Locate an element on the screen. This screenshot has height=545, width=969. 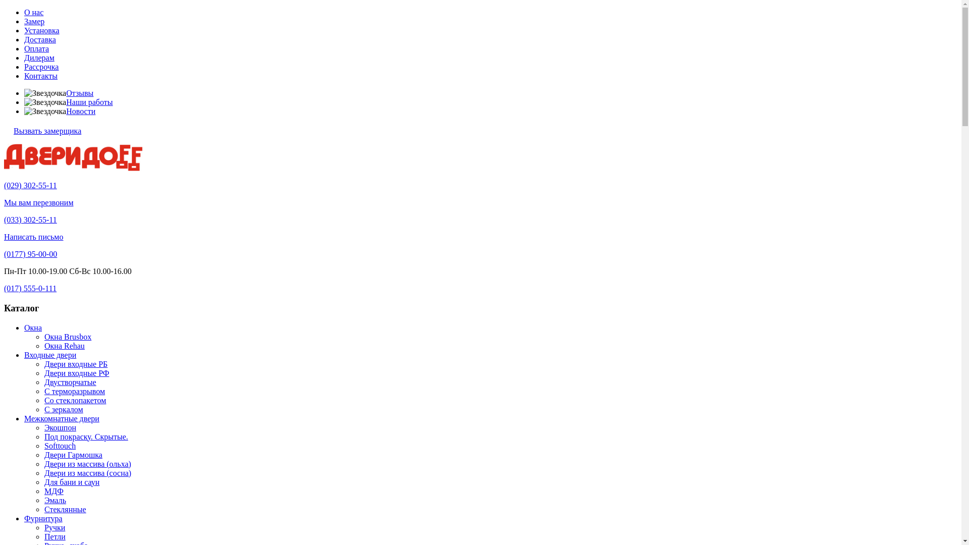
'(017) 555-0-111' is located at coordinates (4, 288).